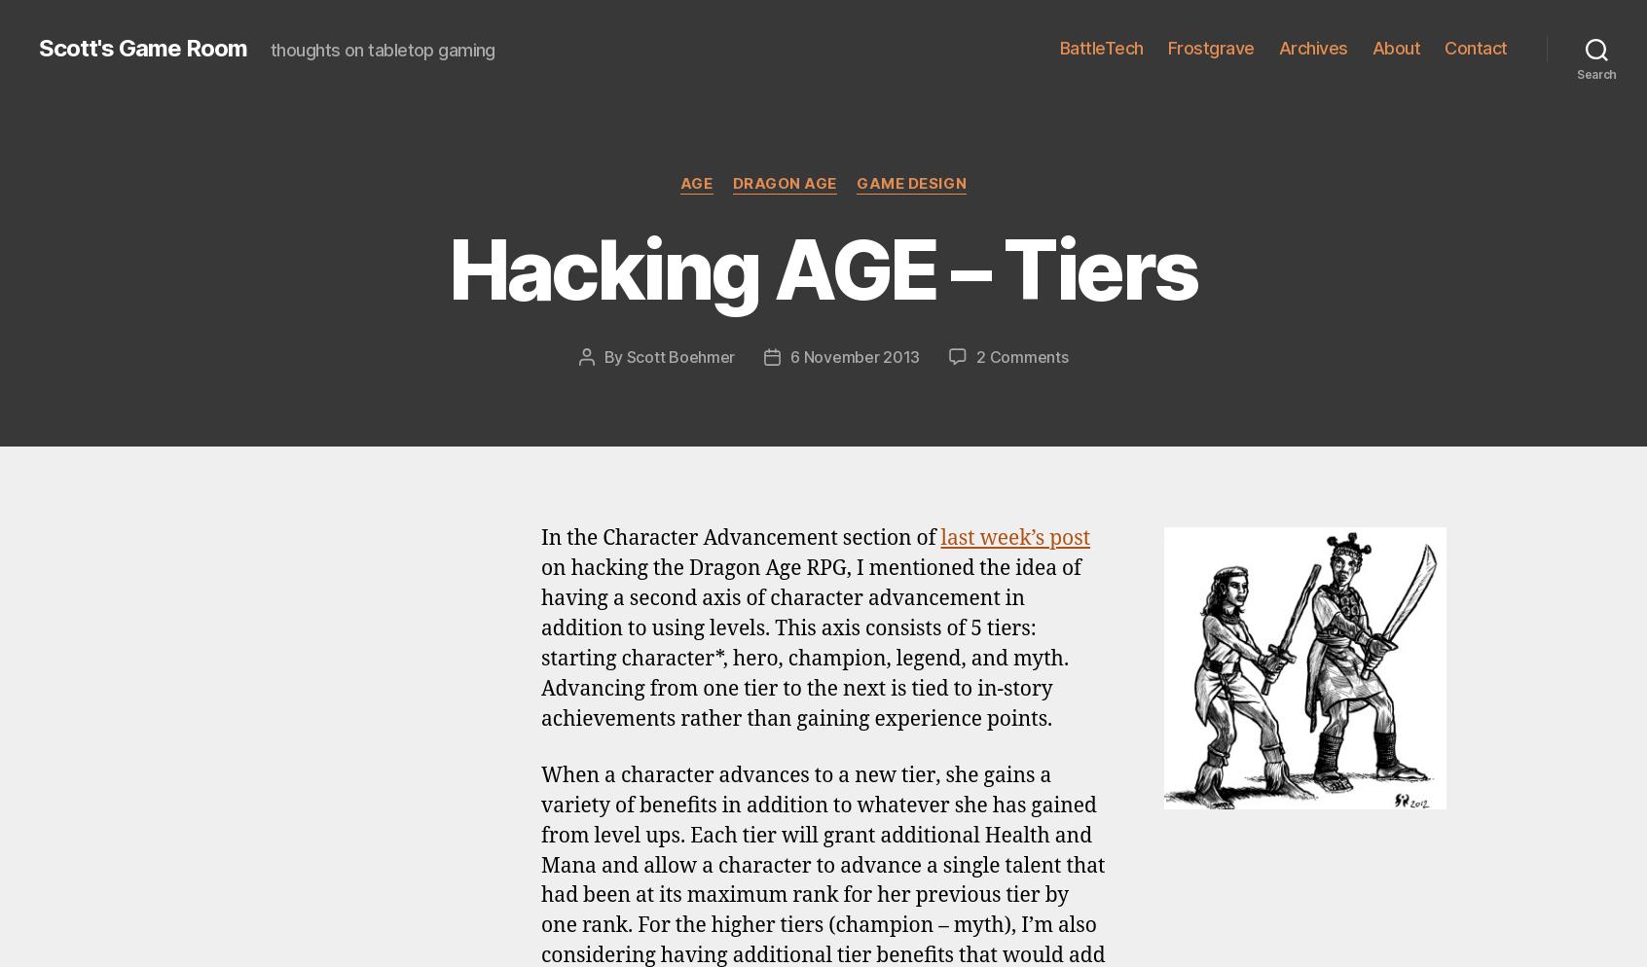  Describe the element at coordinates (988, 251) in the screenshot. I see `'Core Mechanics: Character Advancement'` at that location.